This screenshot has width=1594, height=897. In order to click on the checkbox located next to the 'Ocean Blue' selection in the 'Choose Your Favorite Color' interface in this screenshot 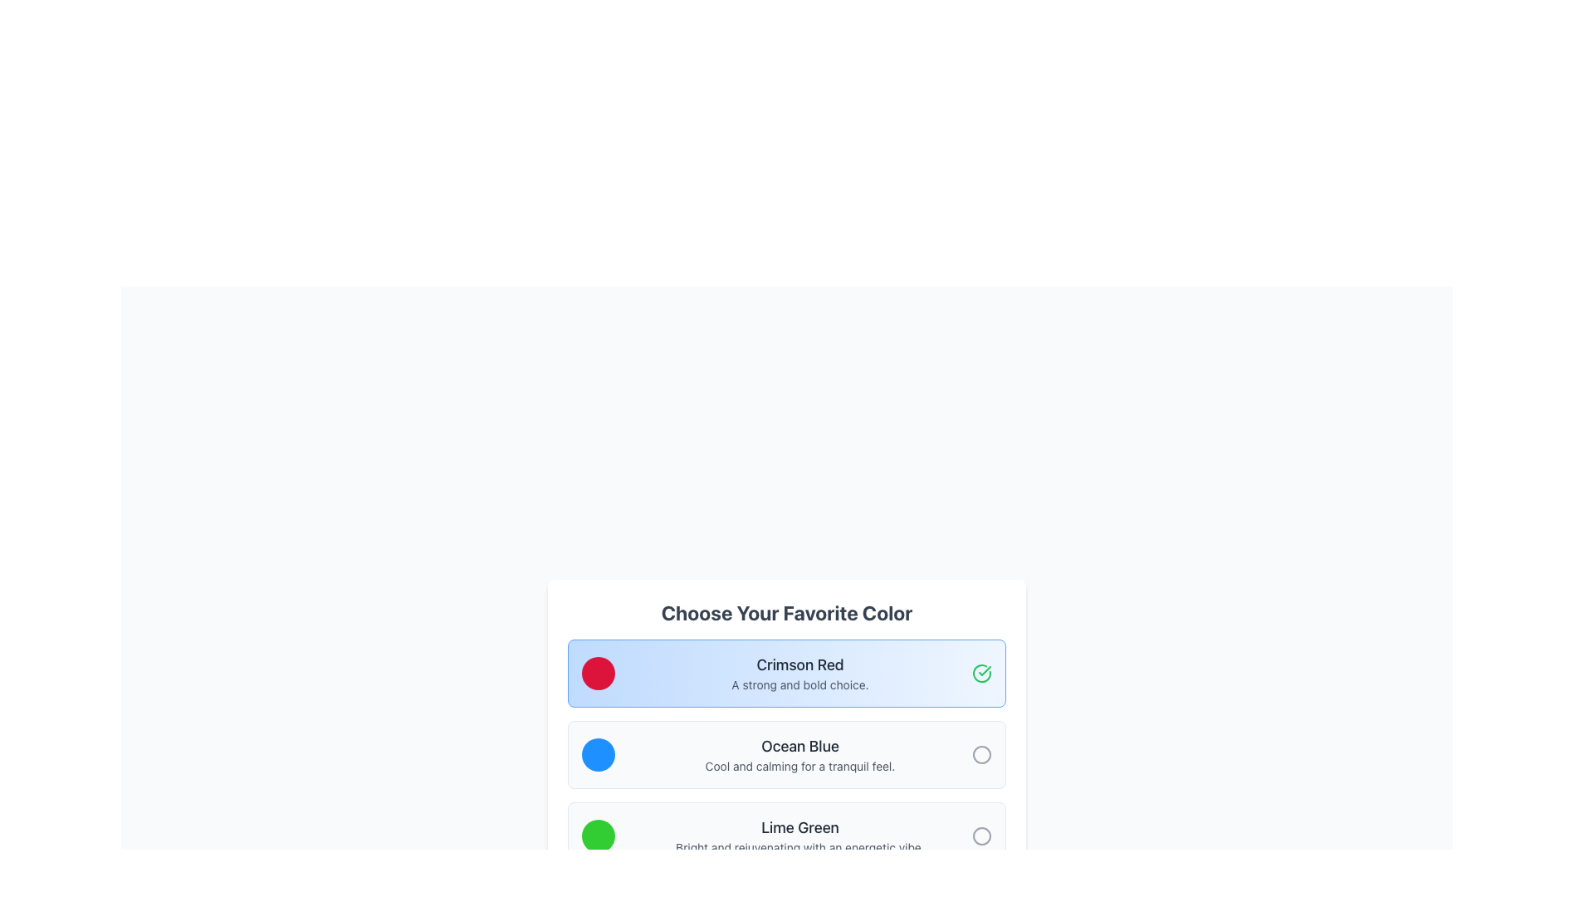, I will do `click(981, 755)`.